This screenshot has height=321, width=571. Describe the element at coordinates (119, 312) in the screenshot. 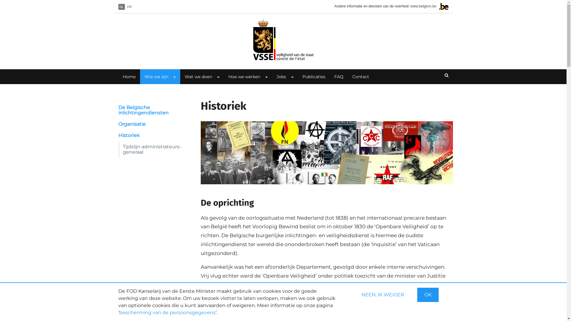

I see `'bescherming van de persoonsgegevens'` at that location.